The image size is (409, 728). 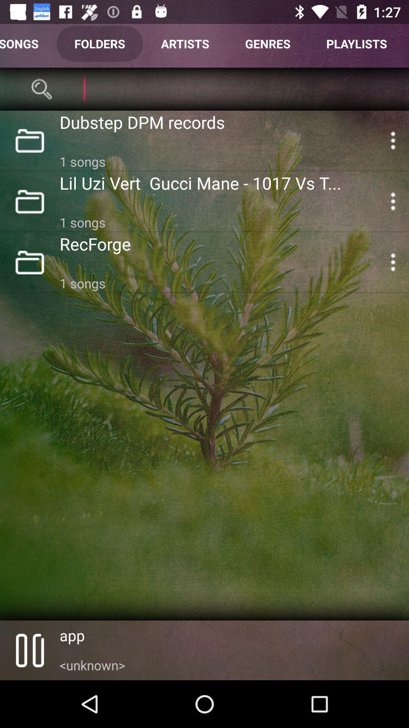 What do you see at coordinates (29, 650) in the screenshot?
I see `the pause icon` at bounding box center [29, 650].